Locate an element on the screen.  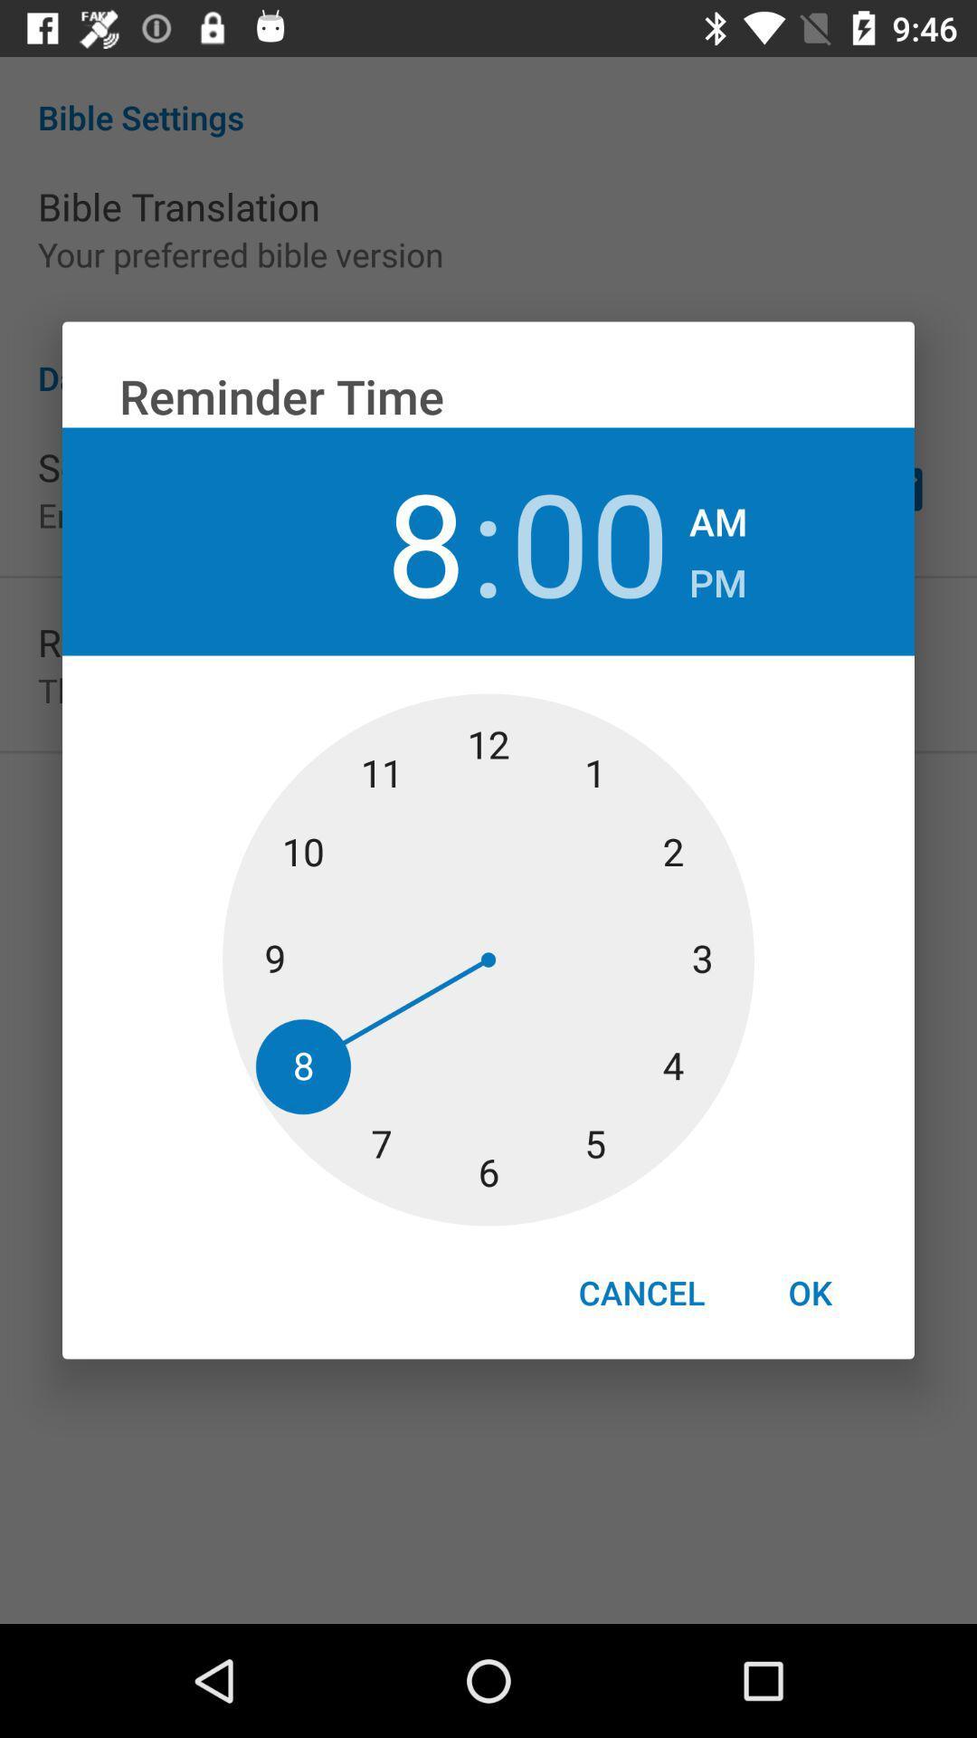
pm icon is located at coordinates (716, 577).